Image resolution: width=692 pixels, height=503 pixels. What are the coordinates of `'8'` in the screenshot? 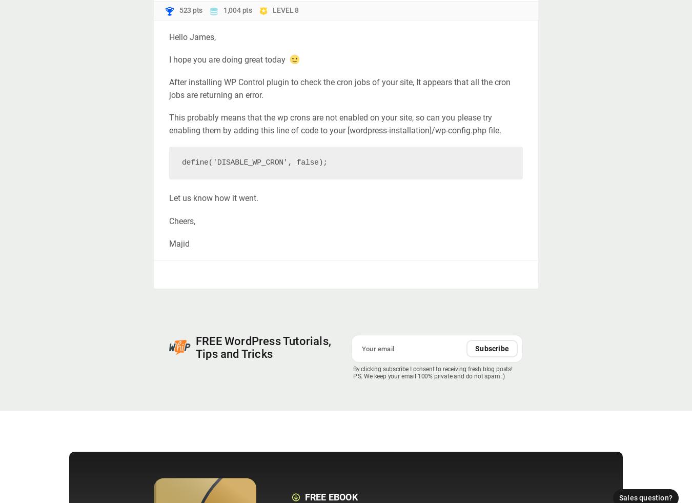 It's located at (297, 10).